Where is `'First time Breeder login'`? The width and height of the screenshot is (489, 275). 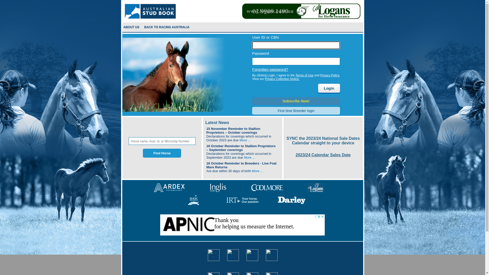
'First time Breeder login' is located at coordinates (296, 111).